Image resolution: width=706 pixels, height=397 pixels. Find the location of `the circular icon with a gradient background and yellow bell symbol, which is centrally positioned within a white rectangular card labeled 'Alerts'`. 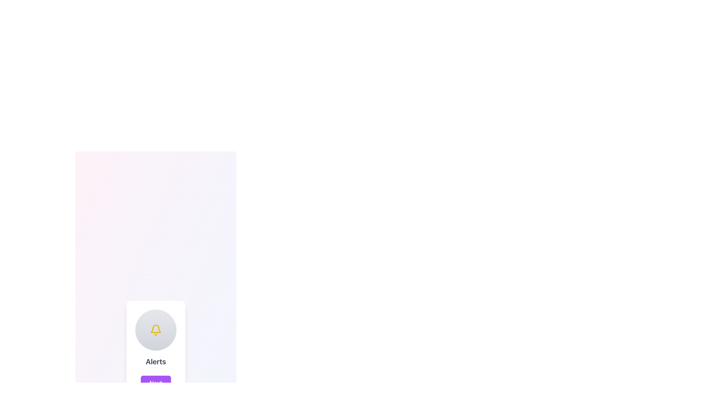

the circular icon with a gradient background and yellow bell symbol, which is centrally positioned within a white rectangular card labeled 'Alerts' is located at coordinates (155, 330).